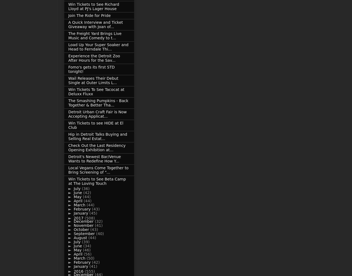  What do you see at coordinates (98, 103) in the screenshot?
I see `'The Smashing Pumpkins - Back Together & Better Tha...'` at bounding box center [98, 103].